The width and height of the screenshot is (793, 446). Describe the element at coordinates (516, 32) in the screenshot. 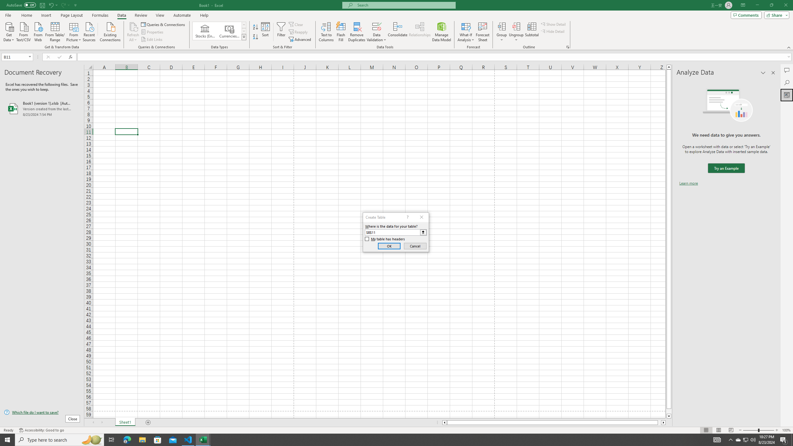

I see `'Ungroup...'` at that location.